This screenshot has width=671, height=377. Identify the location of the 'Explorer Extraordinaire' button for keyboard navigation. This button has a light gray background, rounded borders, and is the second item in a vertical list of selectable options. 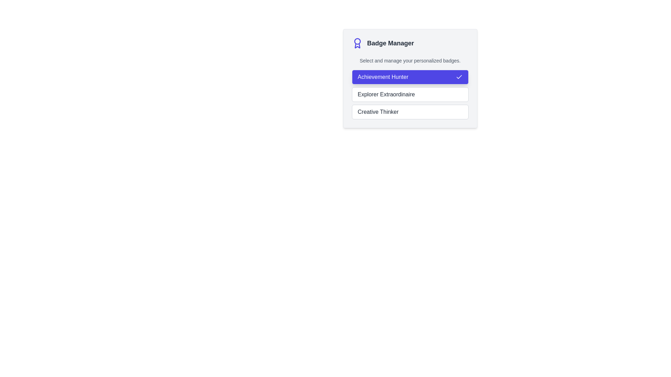
(410, 94).